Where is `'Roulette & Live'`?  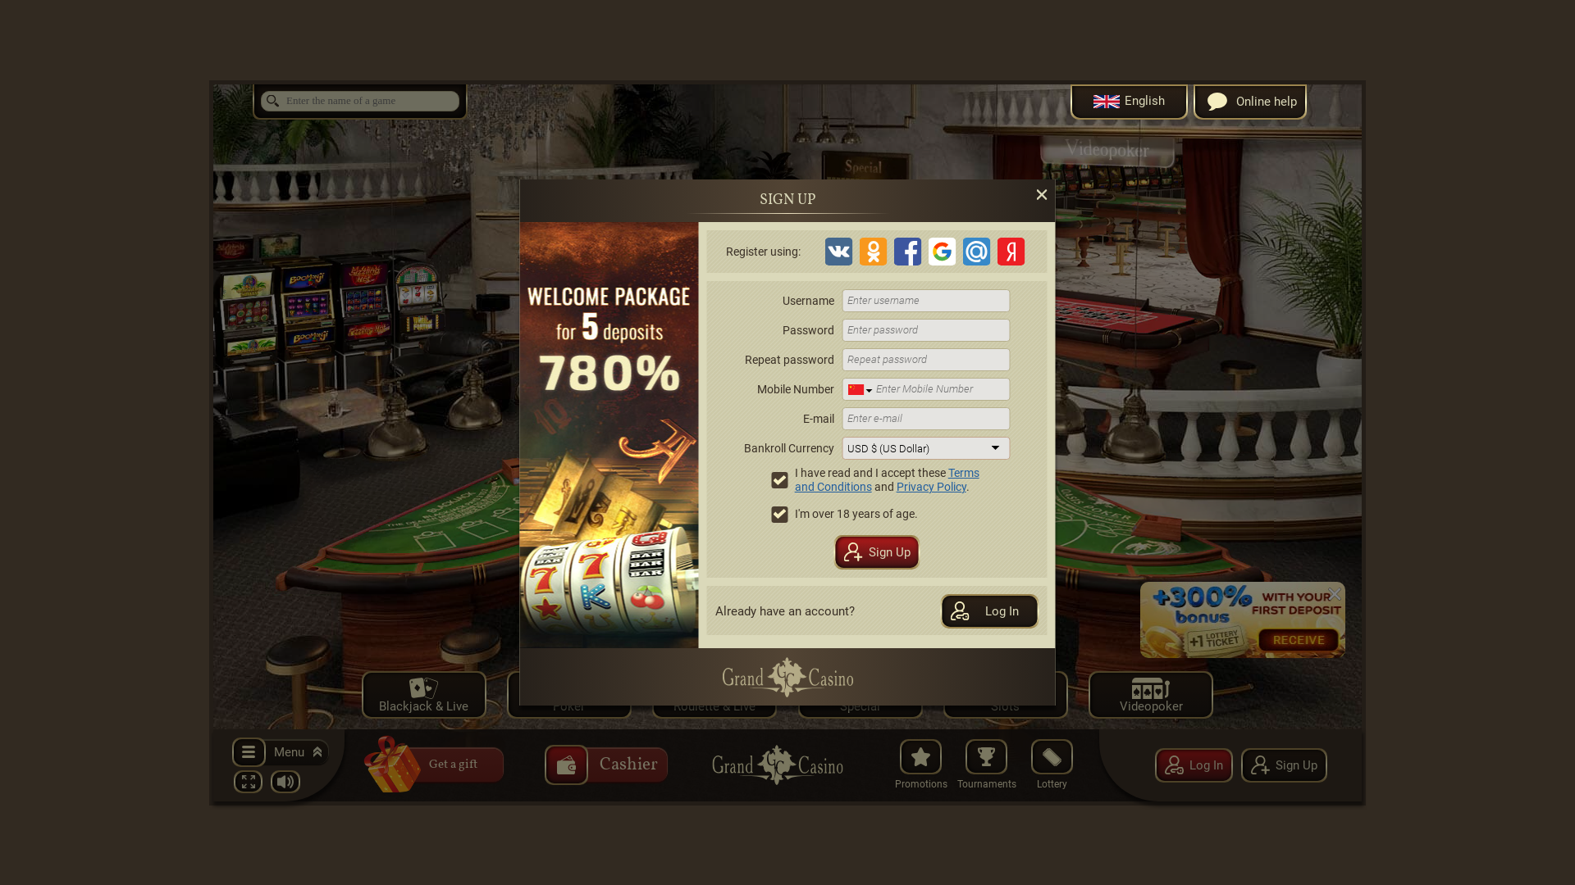 'Roulette & Live' is located at coordinates (714, 694).